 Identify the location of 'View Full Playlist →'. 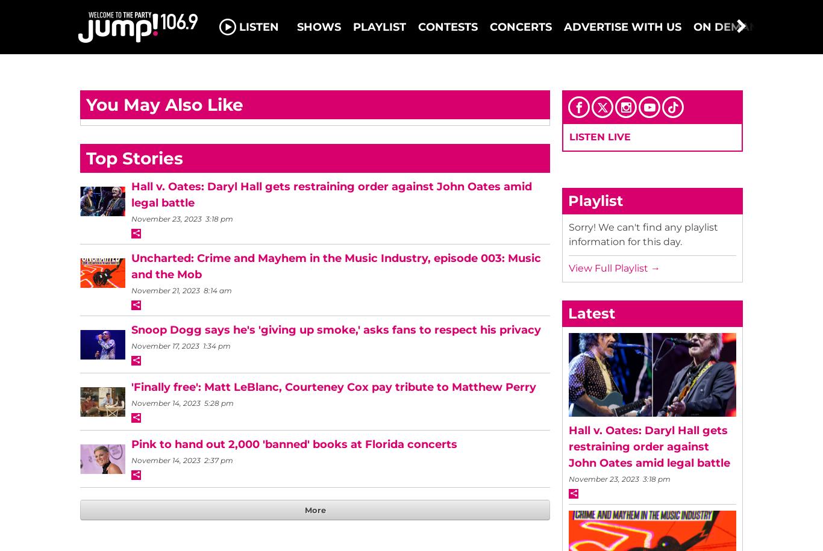
(614, 268).